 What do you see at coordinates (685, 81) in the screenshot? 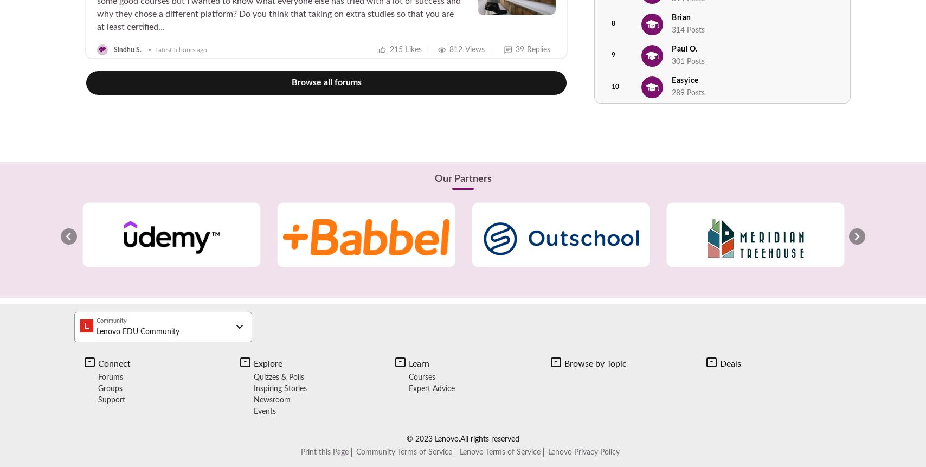
I see `'Easyice'` at bounding box center [685, 81].